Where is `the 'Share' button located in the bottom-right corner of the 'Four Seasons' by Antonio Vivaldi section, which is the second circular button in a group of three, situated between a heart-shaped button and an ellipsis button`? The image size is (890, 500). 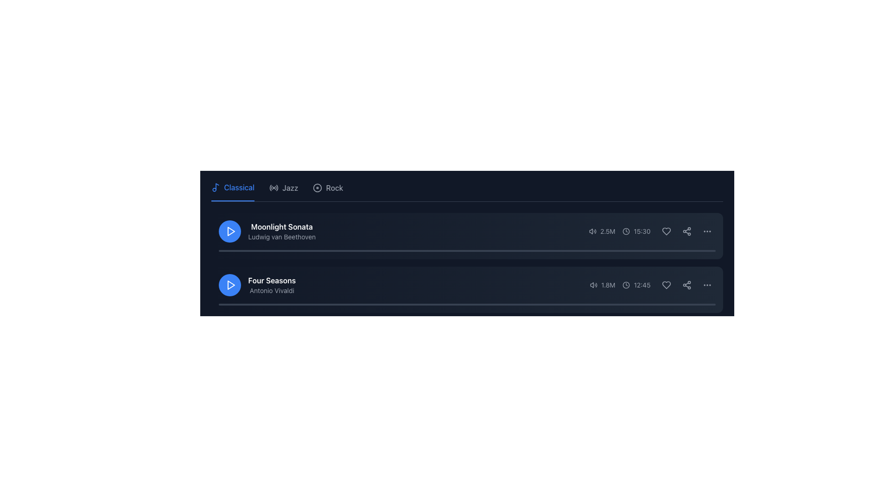
the 'Share' button located in the bottom-right corner of the 'Four Seasons' by Antonio Vivaldi section, which is the second circular button in a group of three, situated between a heart-shaped button and an ellipsis button is located at coordinates (687, 285).